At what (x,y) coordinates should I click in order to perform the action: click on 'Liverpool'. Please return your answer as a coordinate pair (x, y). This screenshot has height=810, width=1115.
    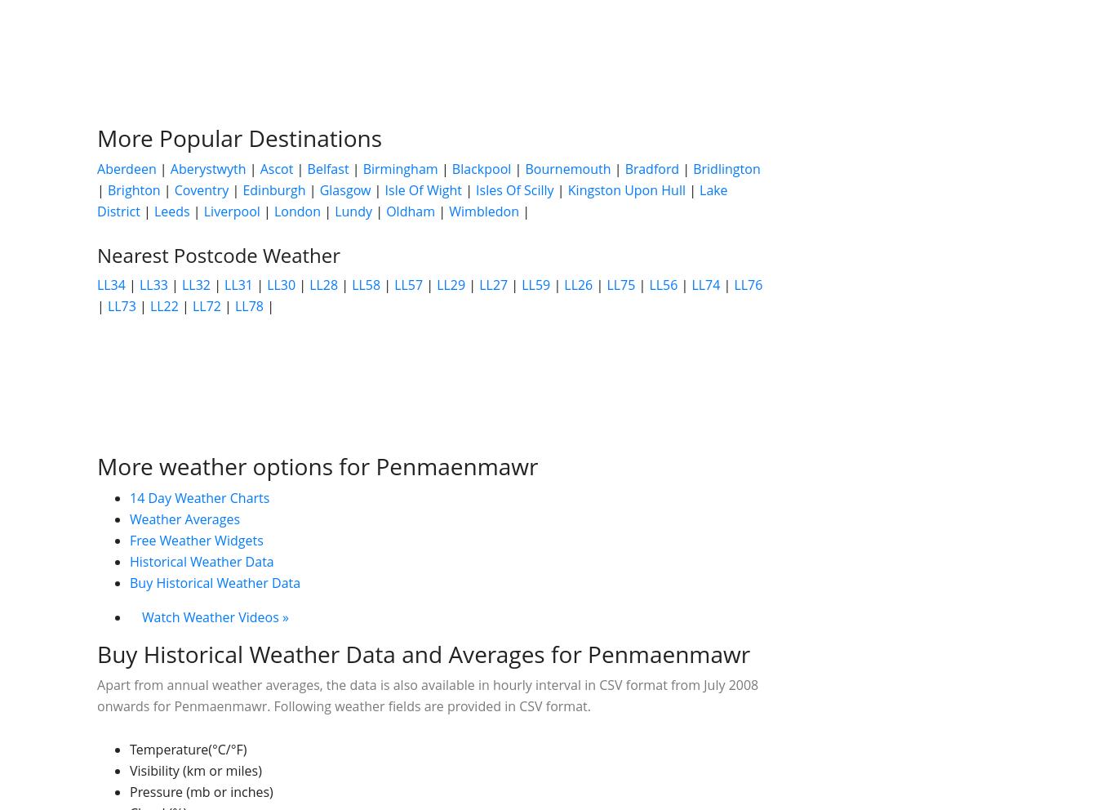
    Looking at the image, I should click on (203, 211).